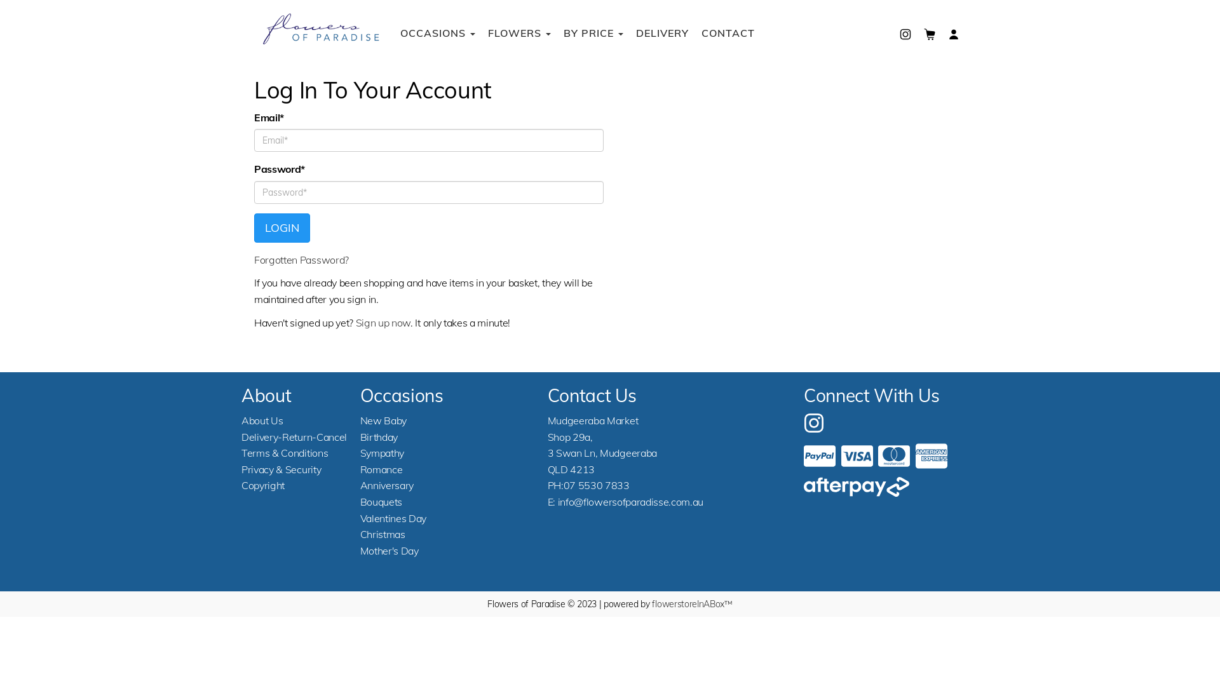 This screenshot has height=686, width=1220. I want to click on 'New Baby', so click(383, 420).